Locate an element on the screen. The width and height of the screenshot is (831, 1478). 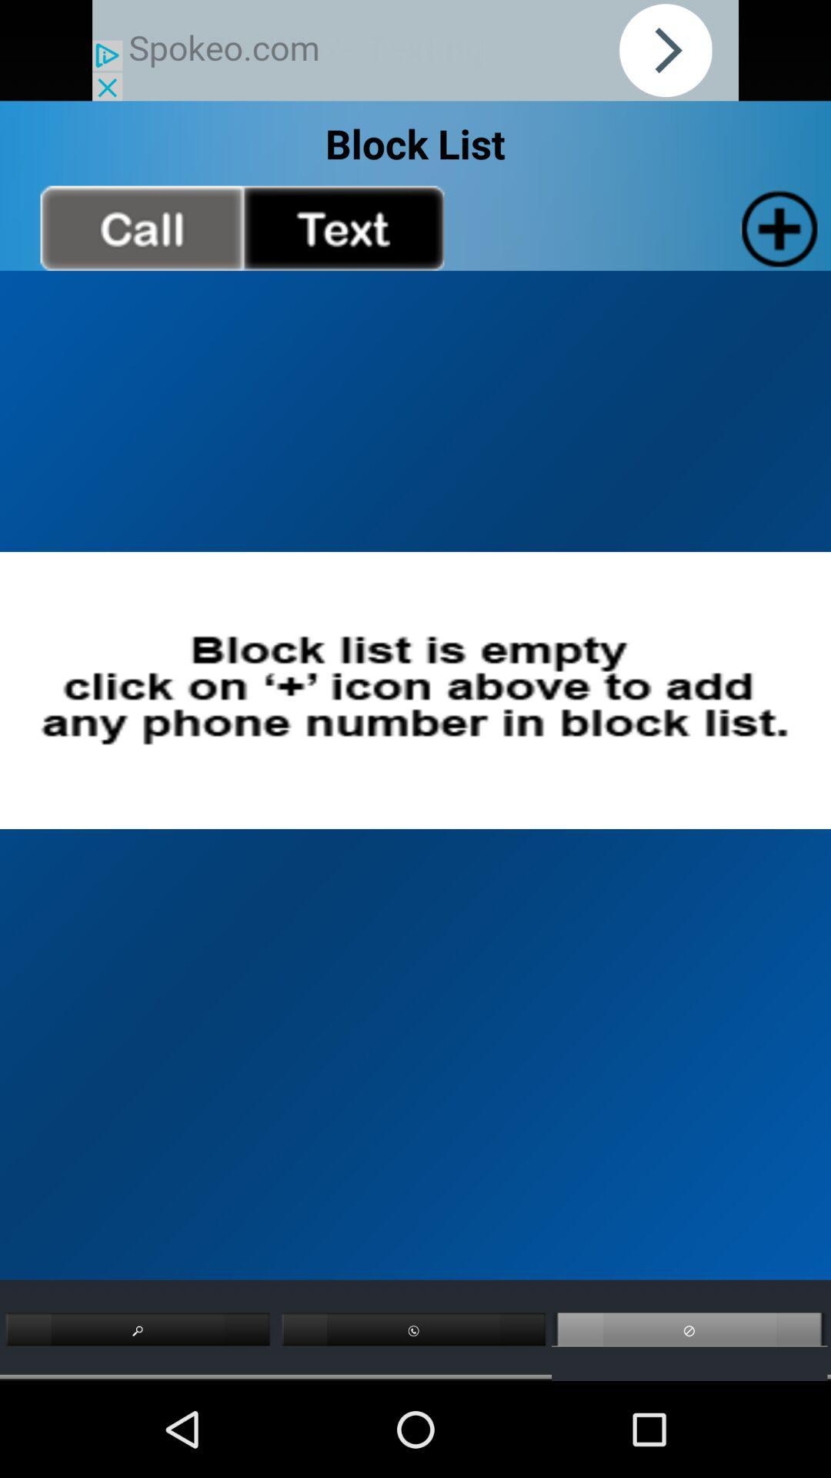
phone to text block list is located at coordinates (342, 227).